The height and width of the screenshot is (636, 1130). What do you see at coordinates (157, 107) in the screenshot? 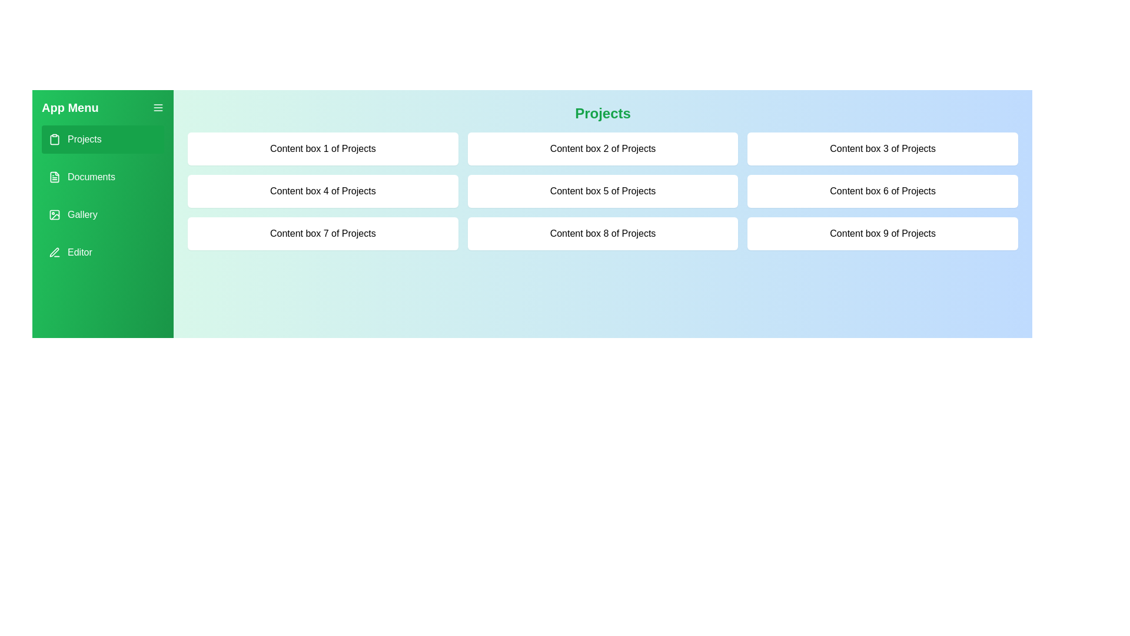
I see `the menu button to toggle the drawer menu visibility` at bounding box center [157, 107].